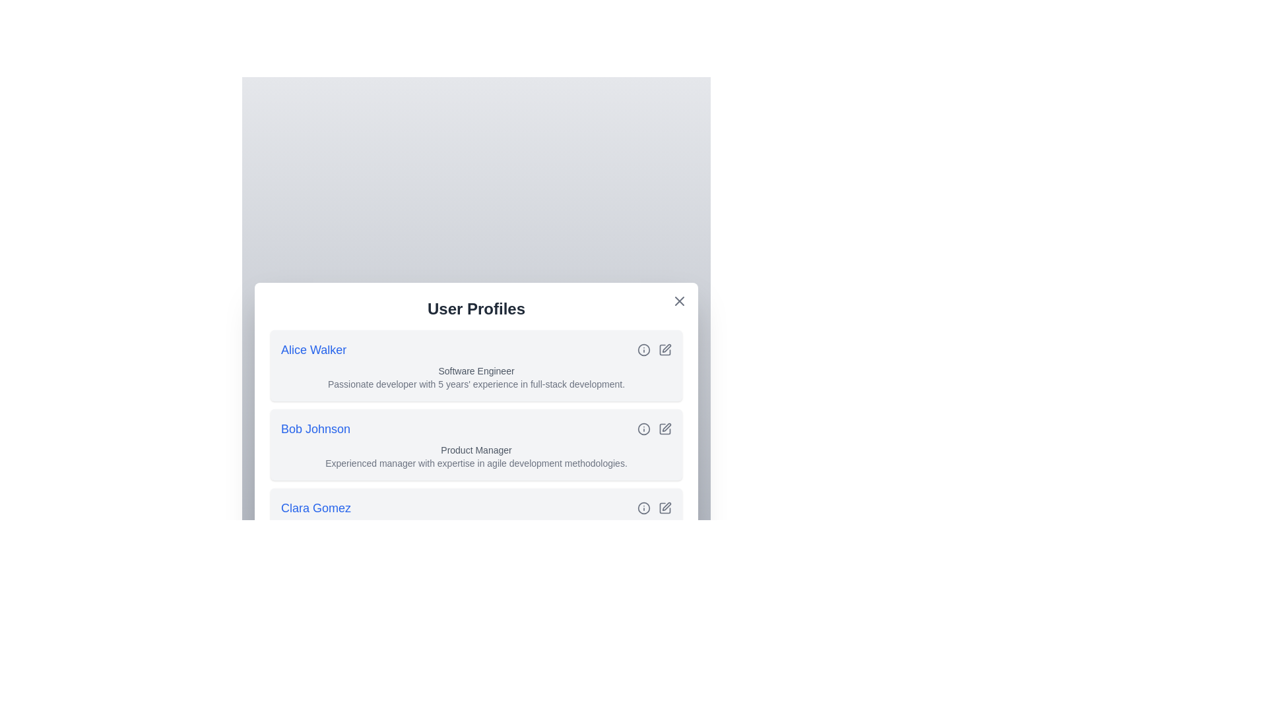 This screenshot has width=1267, height=712. What do you see at coordinates (475, 445) in the screenshot?
I see `the user profile item for Bob Johnson` at bounding box center [475, 445].